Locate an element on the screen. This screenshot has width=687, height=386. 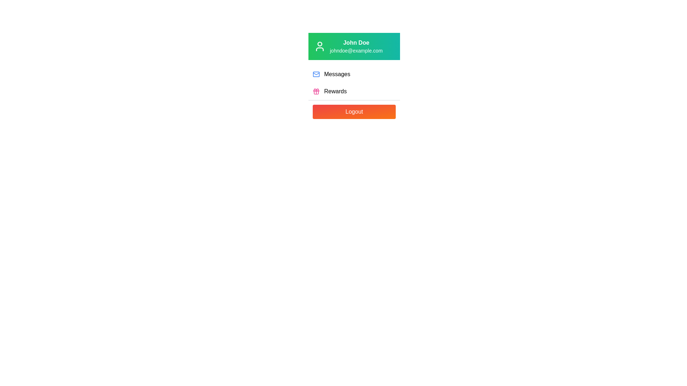
the text label displaying the user's email address, which is located below 'John Doe' in the top green area is located at coordinates (356, 50).